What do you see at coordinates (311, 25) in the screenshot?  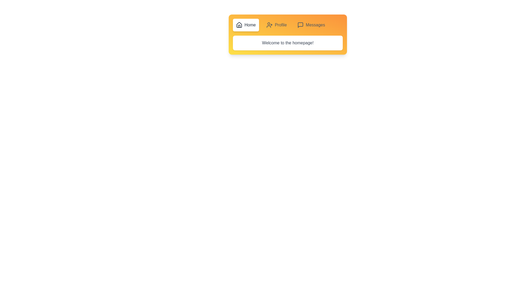 I see `the Messages button to observe visual feedback` at bounding box center [311, 25].